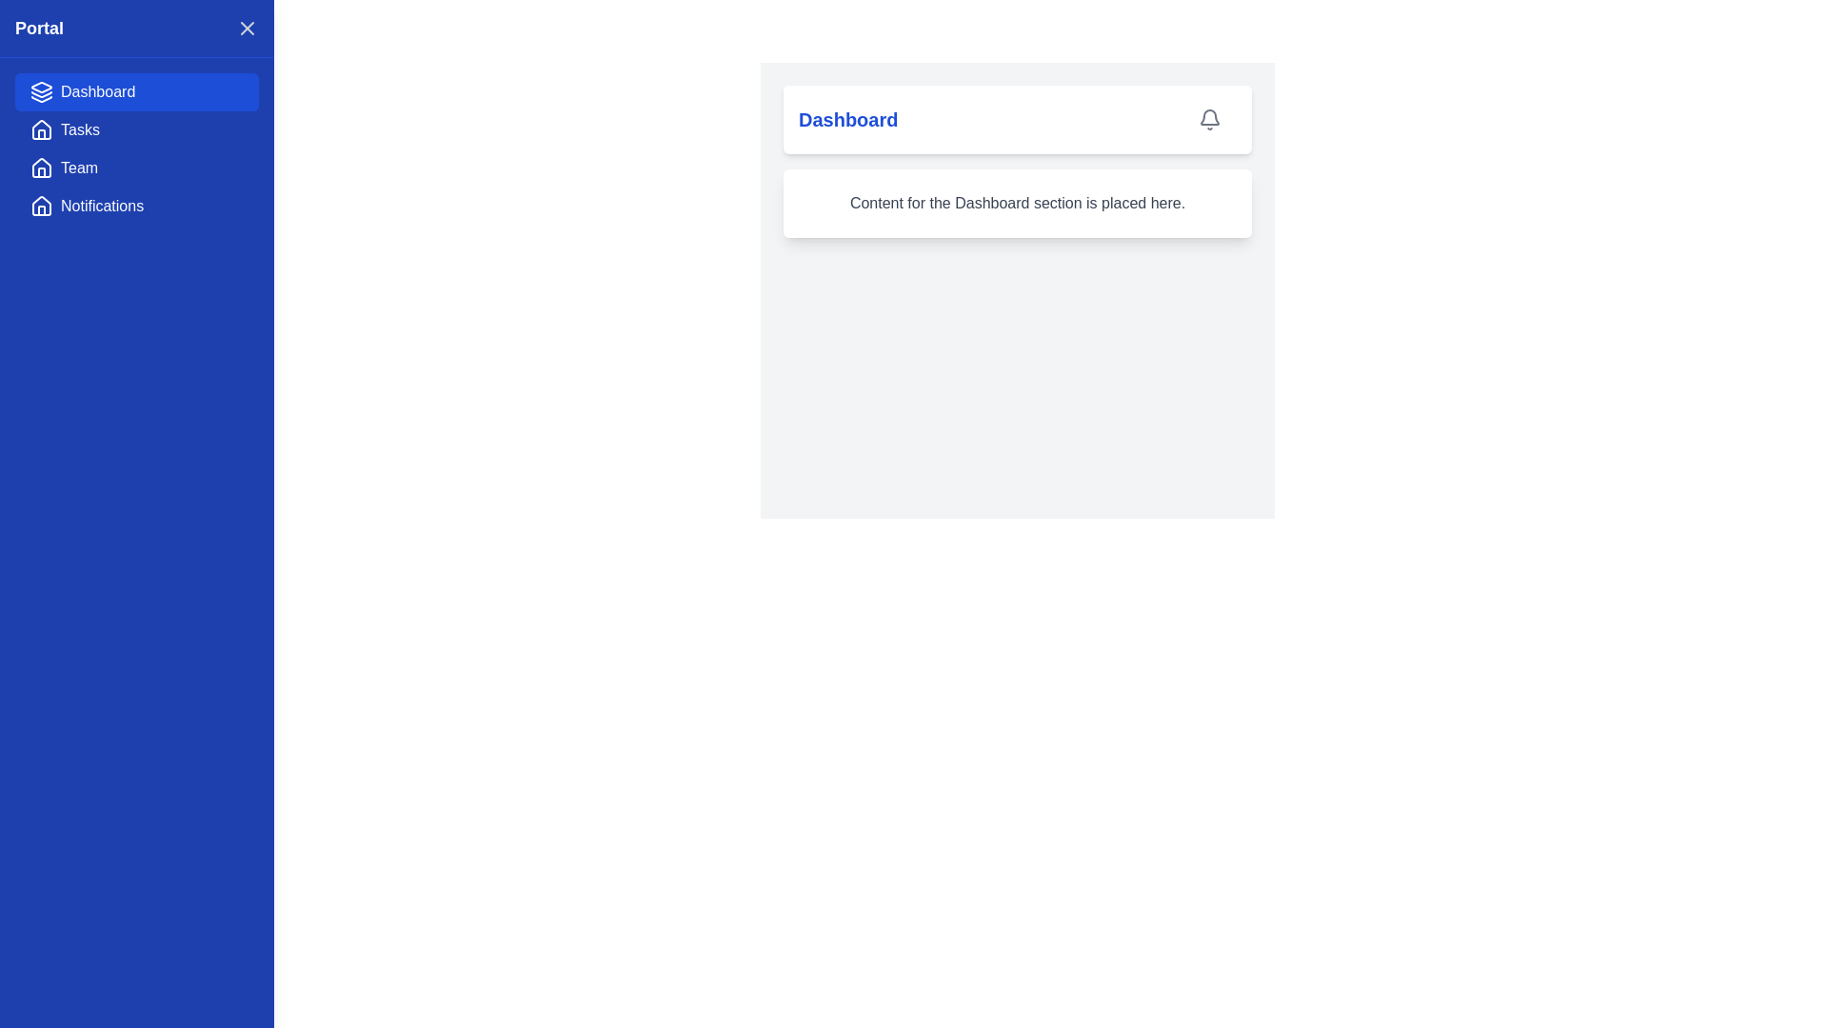 The width and height of the screenshot is (1828, 1028). What do you see at coordinates (1209, 120) in the screenshot?
I see `the gray bell icon located at the top-right corner of the Dashboard heading bar` at bounding box center [1209, 120].